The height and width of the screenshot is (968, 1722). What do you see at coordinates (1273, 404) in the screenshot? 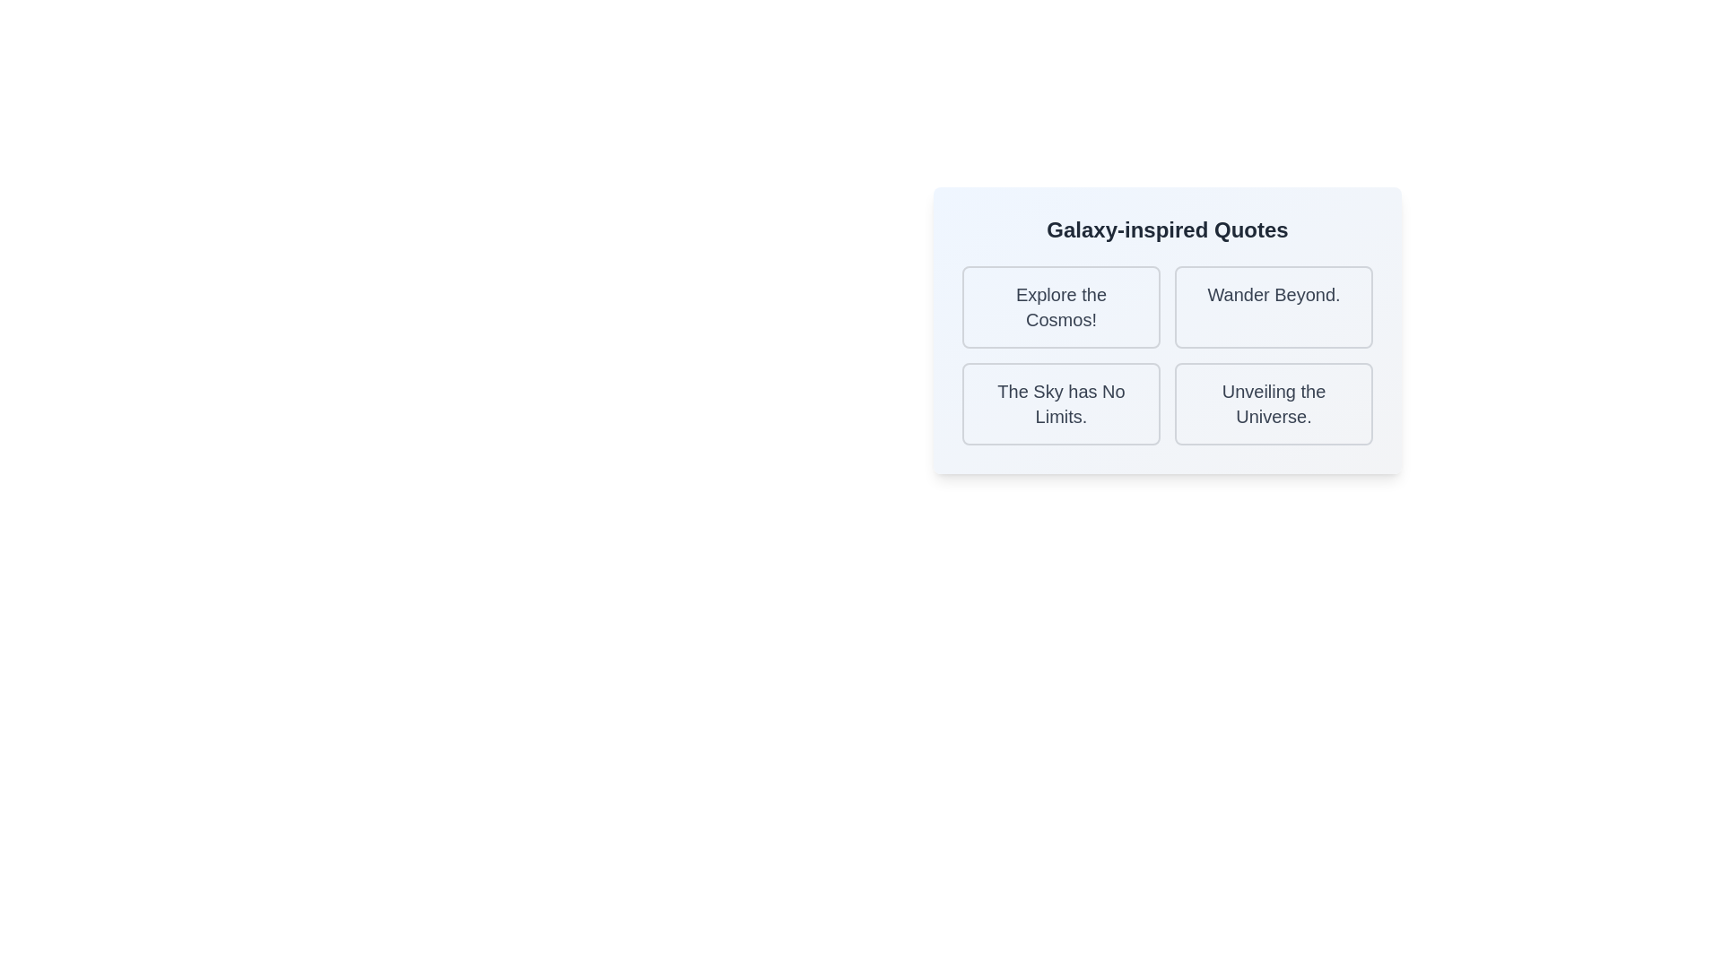
I see `the text label displaying 'Unveiling the Universe.' which is a prominent title in dark gray located in the bottom-right corner of the grid layout` at bounding box center [1273, 404].